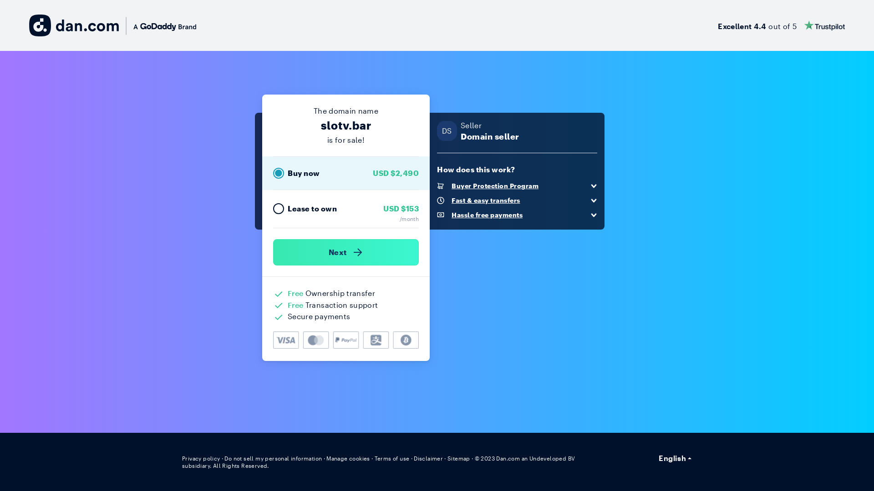  What do you see at coordinates (200, 458) in the screenshot?
I see `'Privacy policy'` at bounding box center [200, 458].